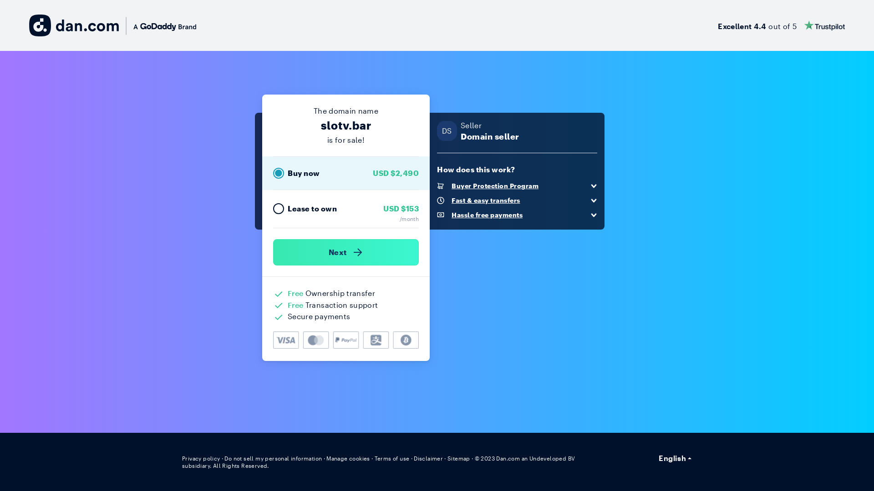  What do you see at coordinates (200, 458) in the screenshot?
I see `'Privacy policy'` at bounding box center [200, 458].